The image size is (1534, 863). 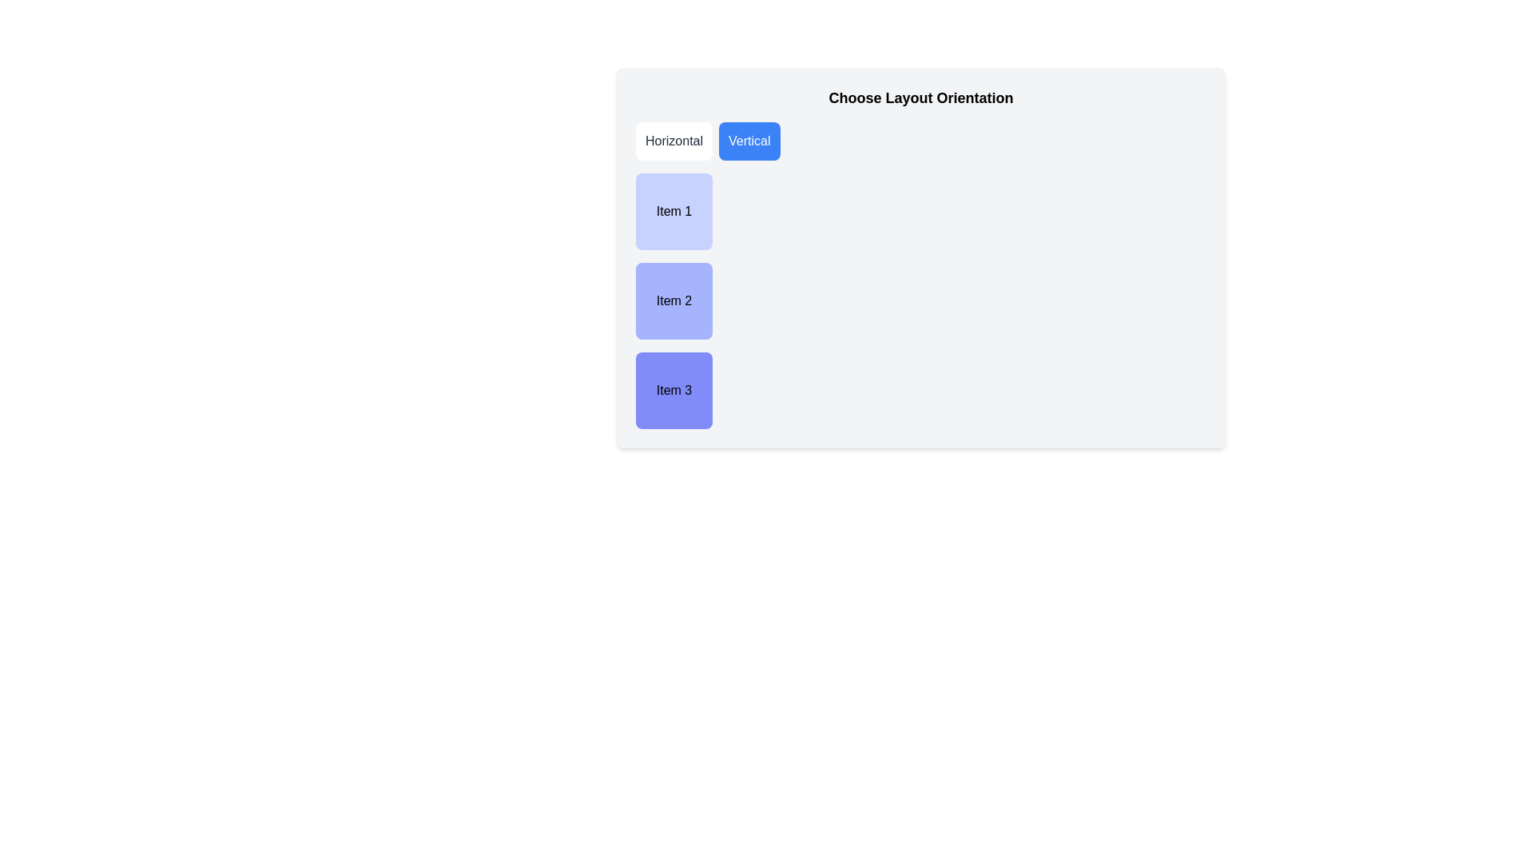 What do you see at coordinates (748, 141) in the screenshot?
I see `the 'Vertical' layout button located in the top-left quadrant of the interface` at bounding box center [748, 141].